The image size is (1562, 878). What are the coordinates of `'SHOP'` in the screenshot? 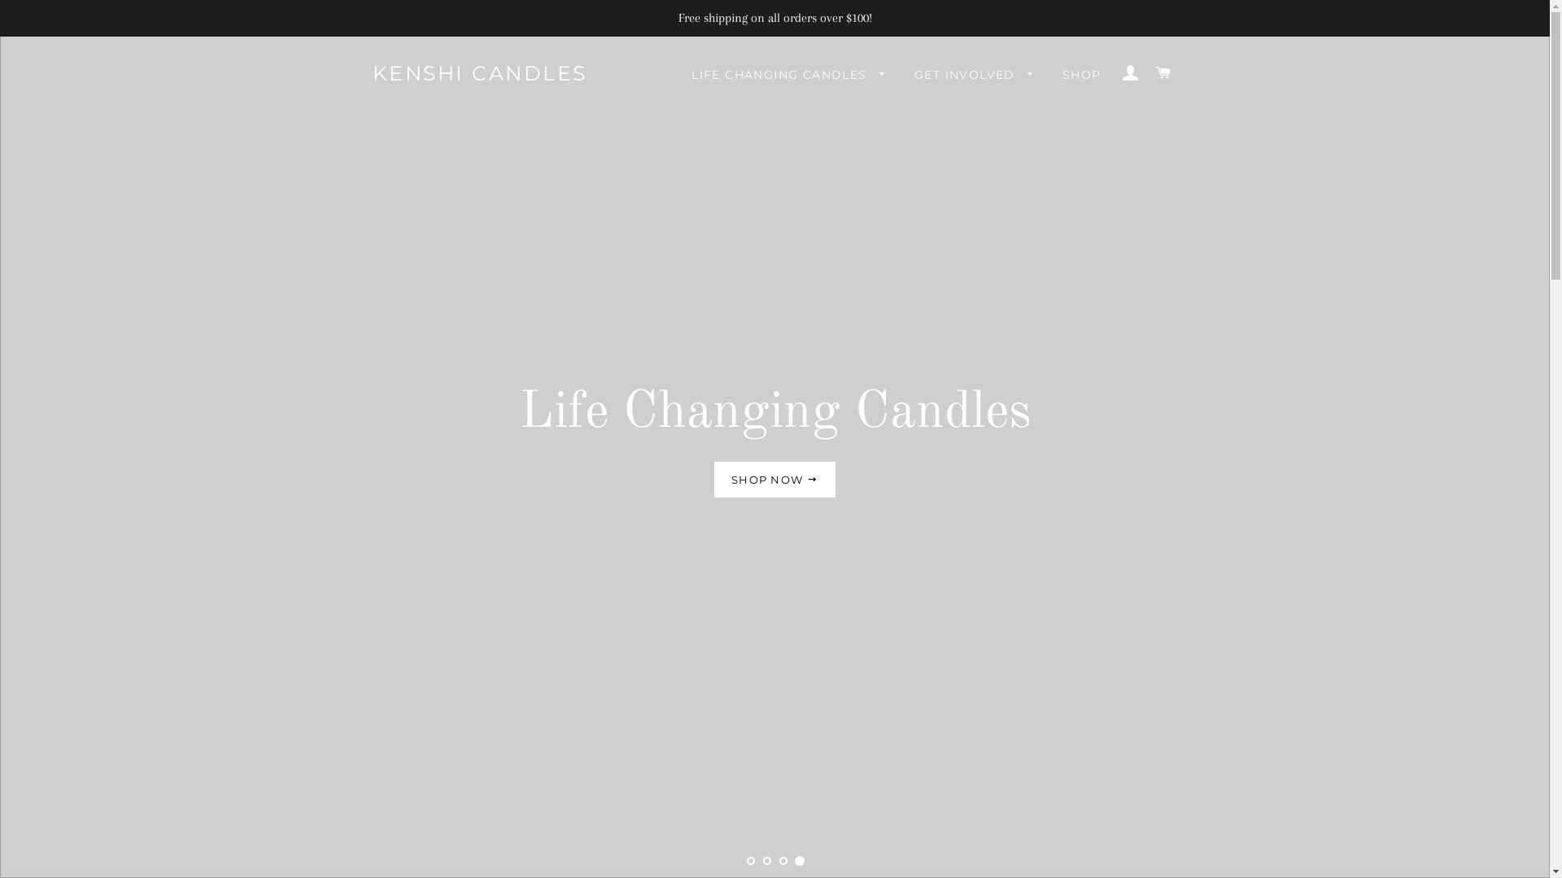 It's located at (1081, 75).